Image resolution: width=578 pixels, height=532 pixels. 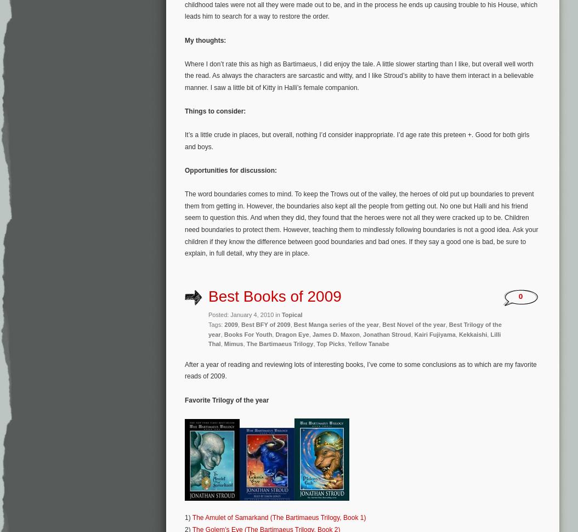 I want to click on 'The word boundaries comes to mind. To keep the Trows out of the valley, the heroes of old put up boundaries to prevent them from getting in. However, the boundaries also kept all the people from getting out. No one but Halli and his friend seem to question this. And when they did, they found that the heroes were not all they were cracked up to be. Children need boundaries to protect them. However, teaching them to mindlessly following boundaries is not a good idea. Ask your children if they know the difference between good boundaries and bad ones. If they say a good one is bad, be sure to explain, in full detail, why they are in place.', so click(x=184, y=223).